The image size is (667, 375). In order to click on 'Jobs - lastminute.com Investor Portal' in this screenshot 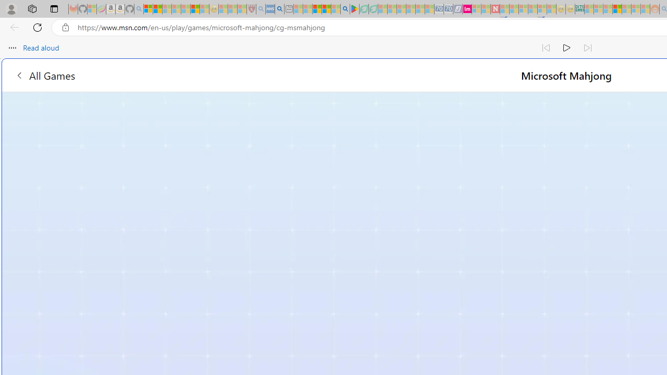, I will do `click(466, 9)`.